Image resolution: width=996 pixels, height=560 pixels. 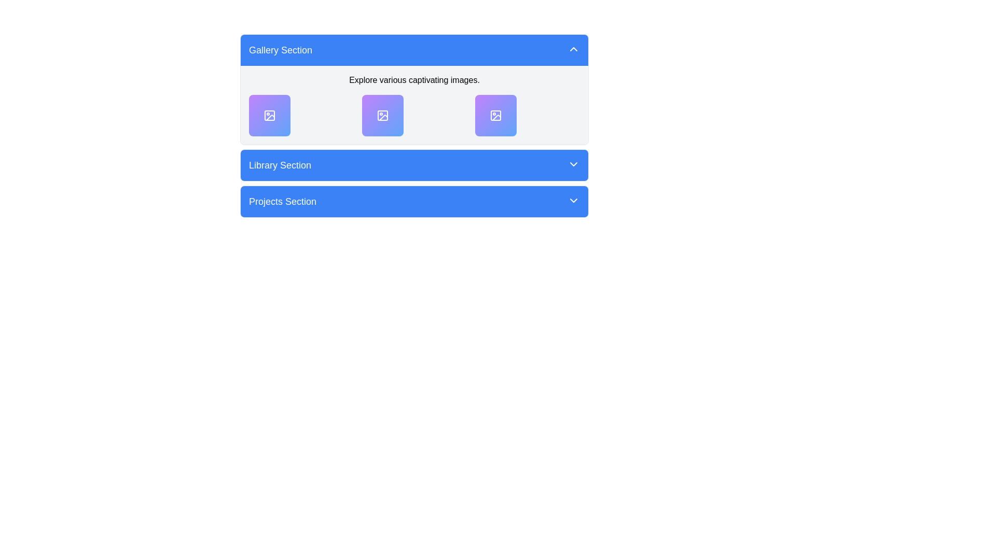 I want to click on the square-shaped card with gradient styling transitioning from purple to blue, which features a white image icon centered within it, so click(x=269, y=116).